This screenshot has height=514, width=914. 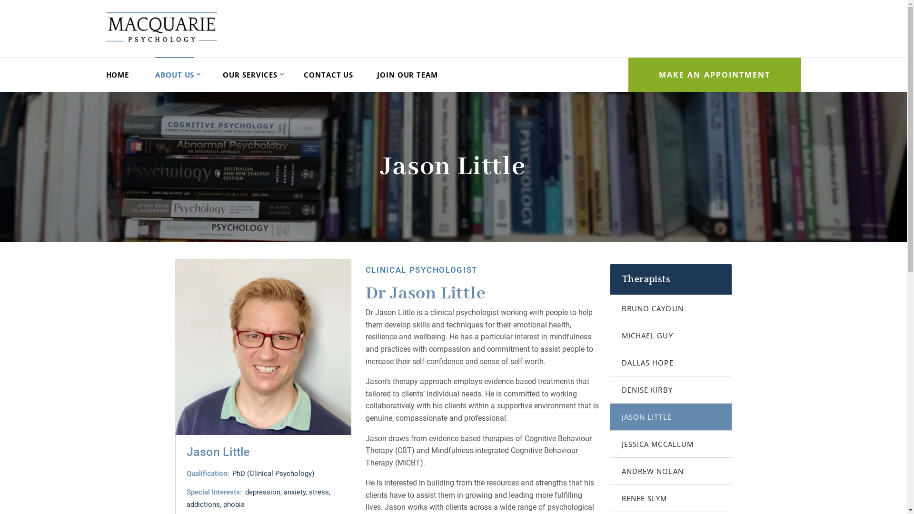 I want to click on 'RENEE SLYM', so click(x=670, y=498).